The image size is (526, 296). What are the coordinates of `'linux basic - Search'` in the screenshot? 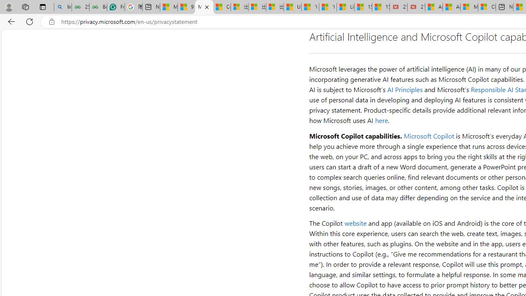 It's located at (62, 7).